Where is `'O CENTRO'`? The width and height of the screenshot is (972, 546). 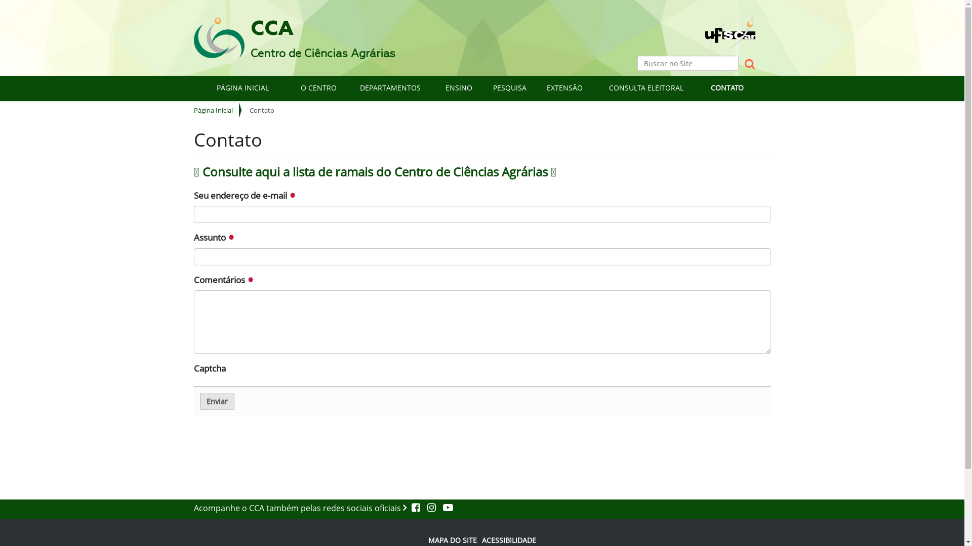
'O CENTRO' is located at coordinates (318, 87).